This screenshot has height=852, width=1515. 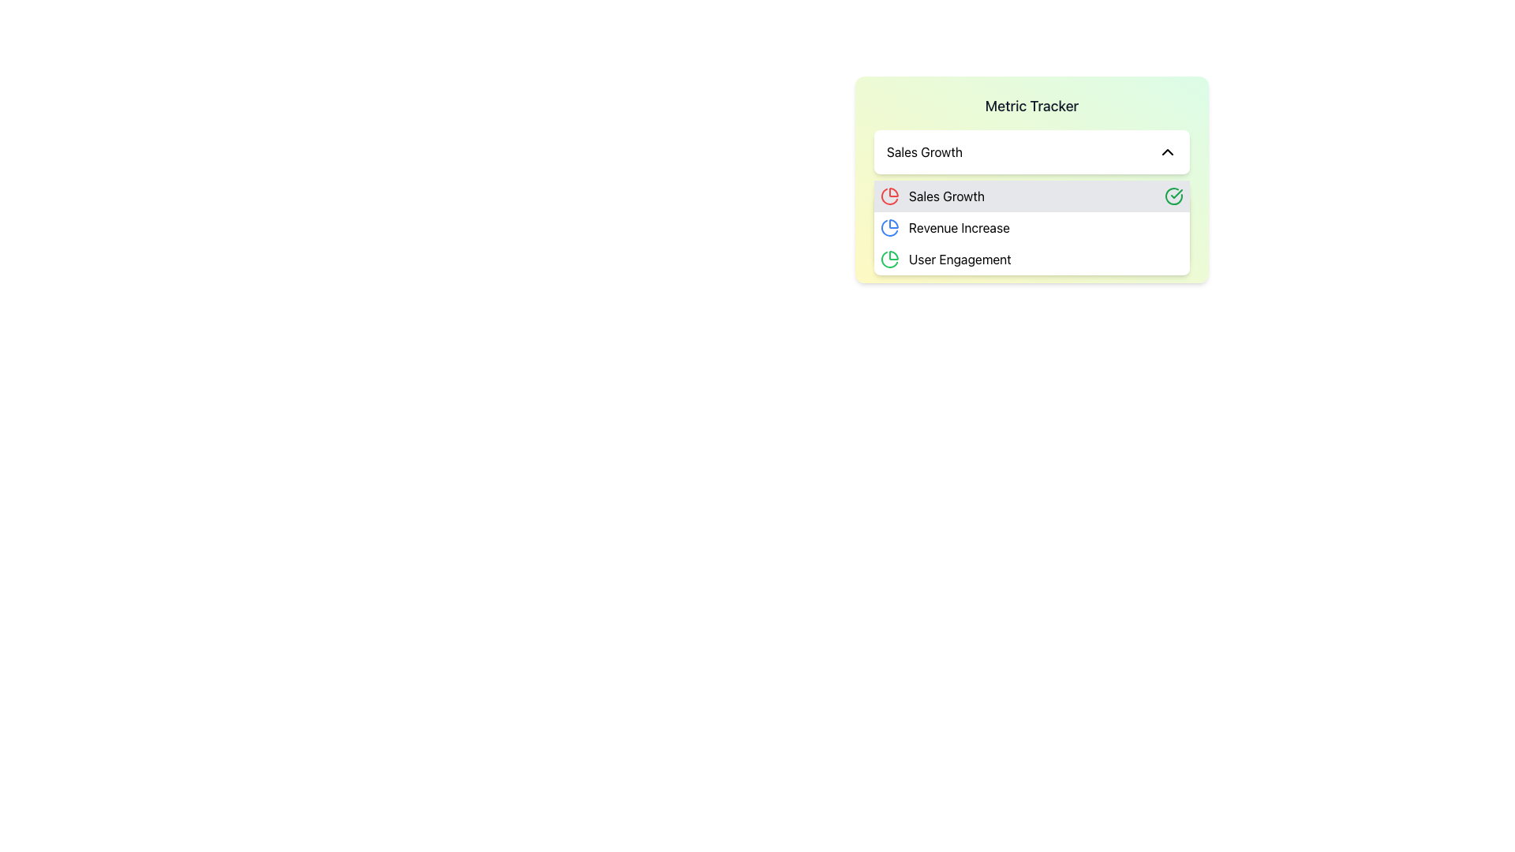 What do you see at coordinates (1174, 196) in the screenshot?
I see `the circular green checkmark icon located to the right of the 'Sales Growth' option in the metric selection box` at bounding box center [1174, 196].